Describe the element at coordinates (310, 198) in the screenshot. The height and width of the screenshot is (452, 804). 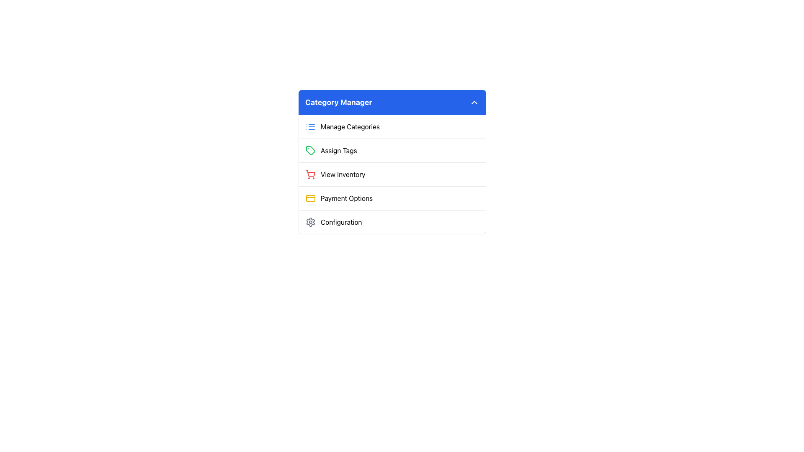
I see `the decorative and functional icon for the 'Payment Options' section in the 'Category Manager' menu, located to the far left of the entry` at that location.